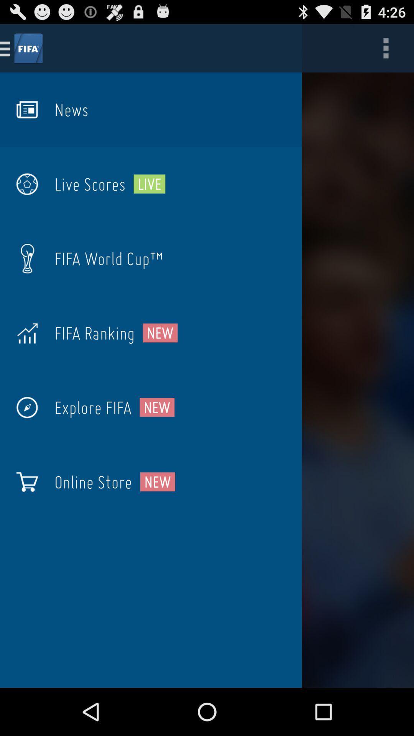  Describe the element at coordinates (94, 333) in the screenshot. I see `the fifa ranking icon` at that location.